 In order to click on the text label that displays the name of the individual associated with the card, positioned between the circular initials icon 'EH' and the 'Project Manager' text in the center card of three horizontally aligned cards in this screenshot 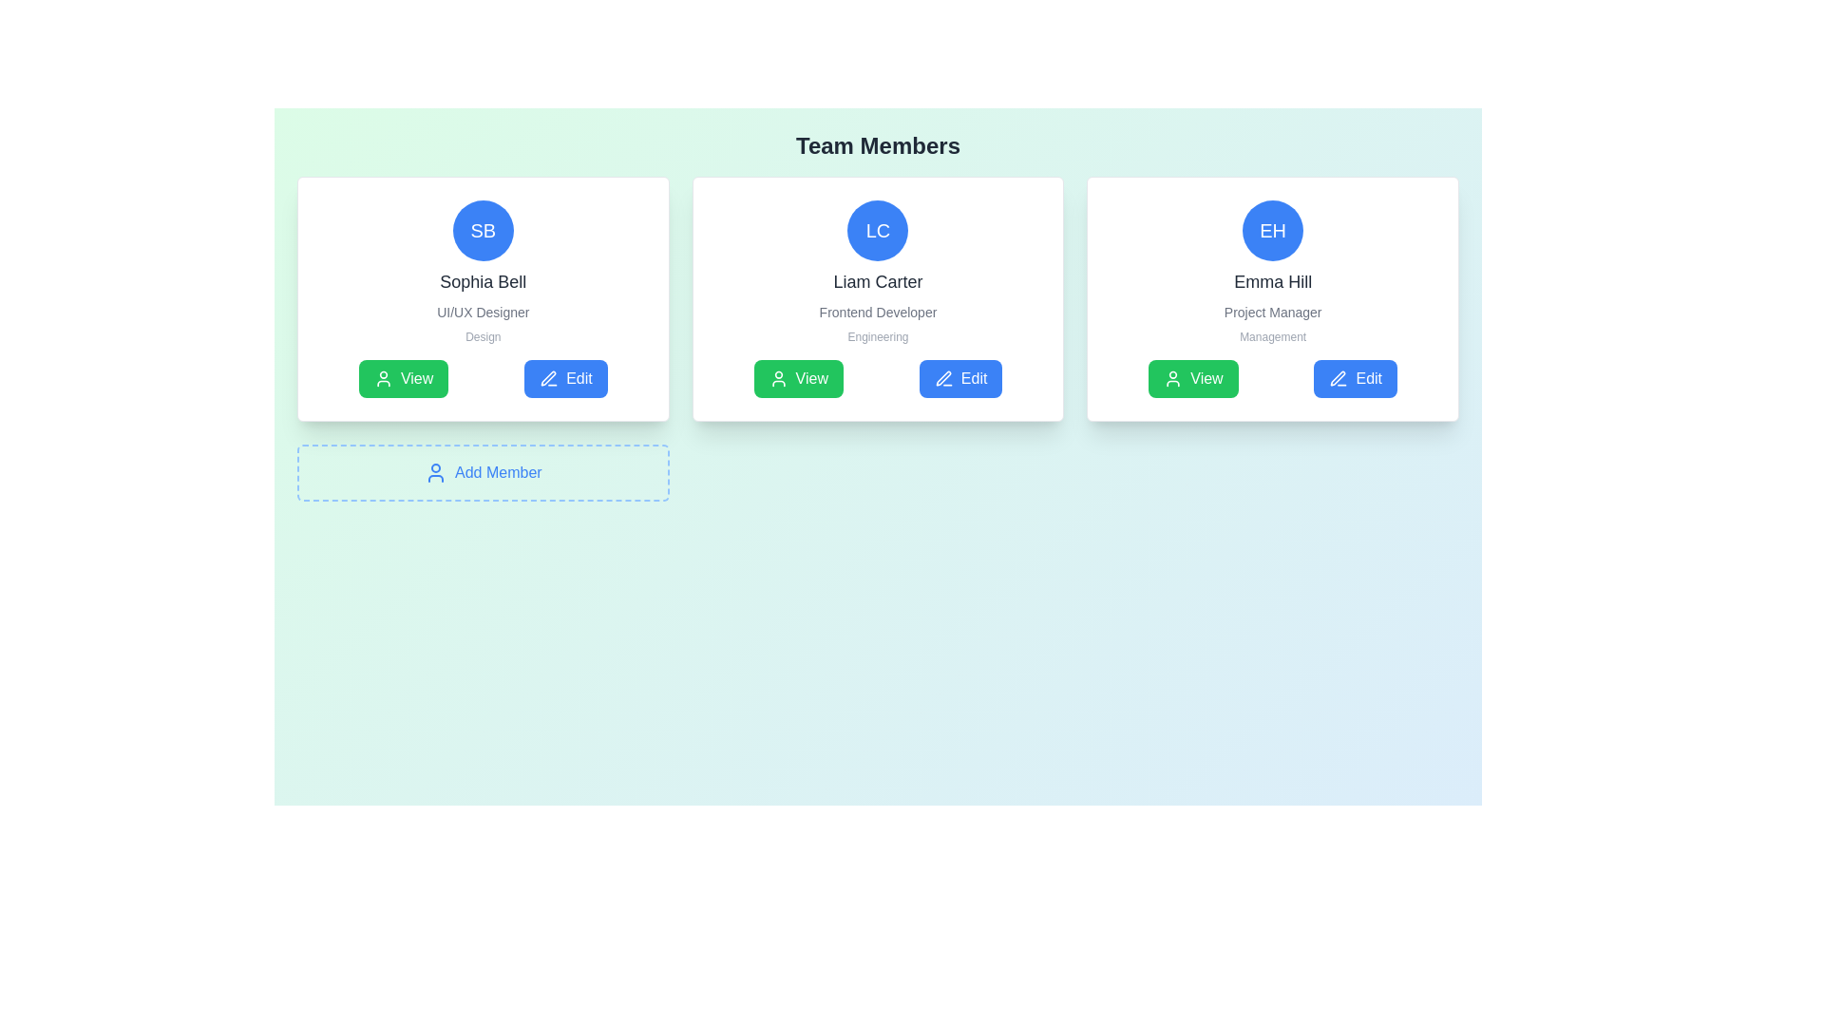, I will do `click(1273, 282)`.